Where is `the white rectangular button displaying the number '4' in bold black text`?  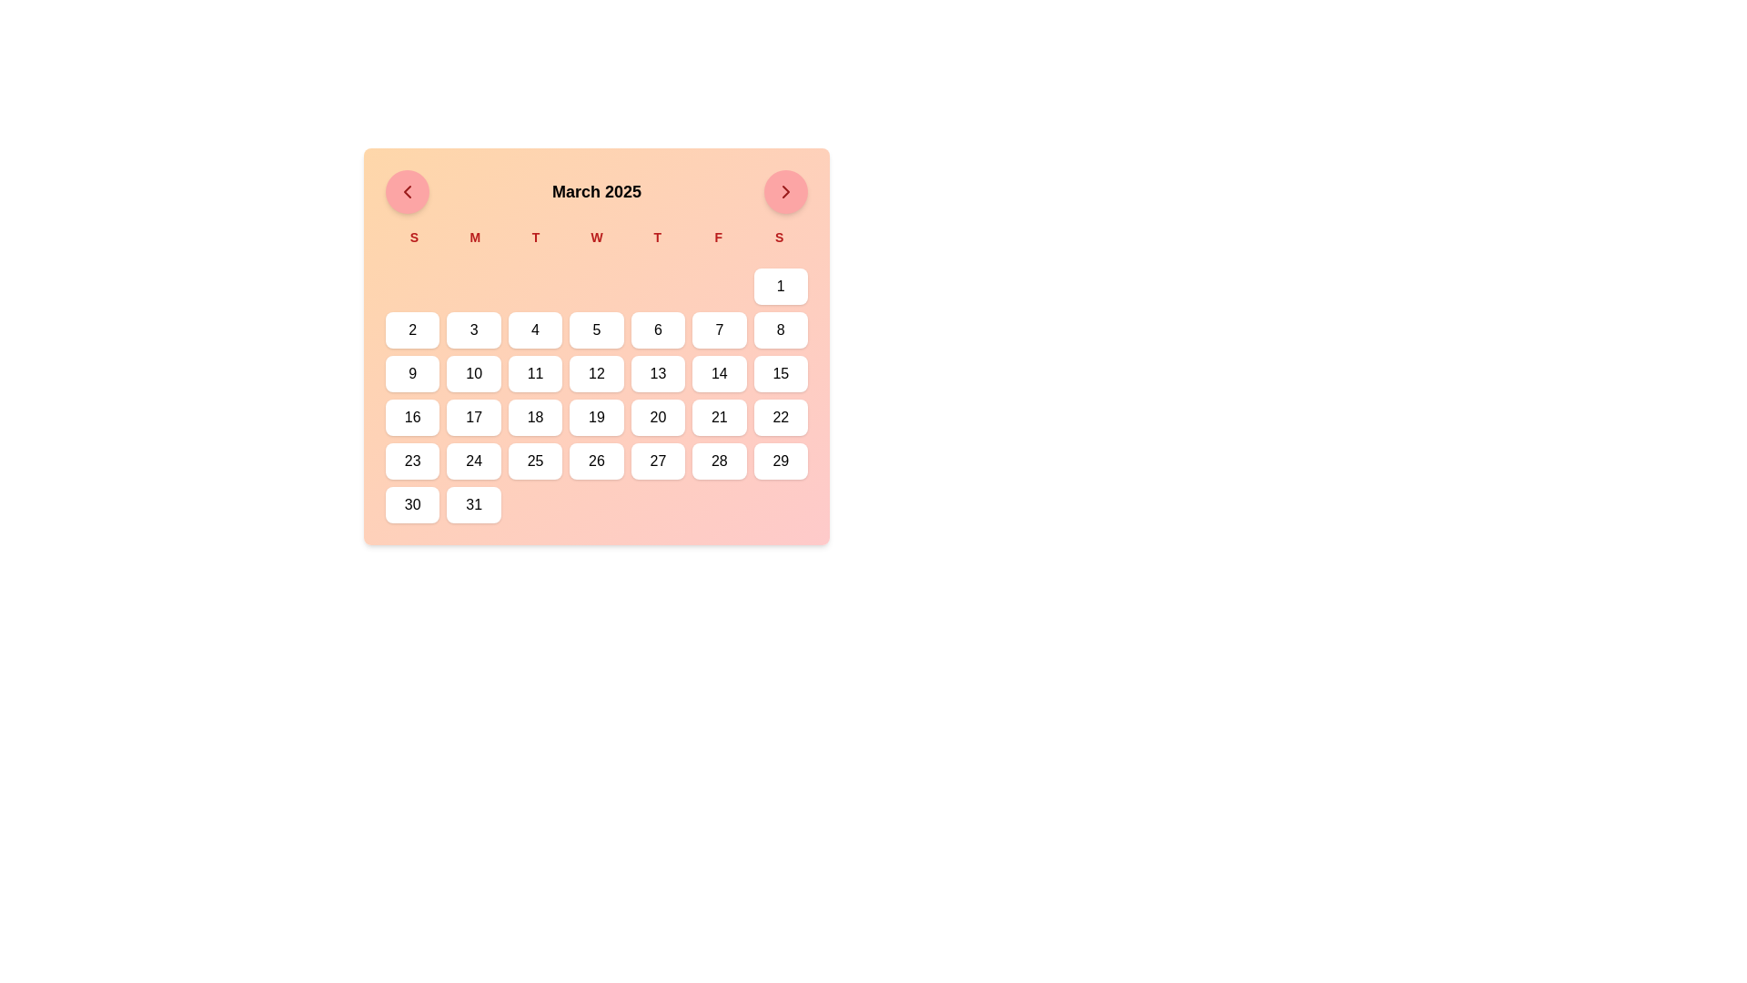
the white rectangular button displaying the number '4' in bold black text is located at coordinates (534, 329).